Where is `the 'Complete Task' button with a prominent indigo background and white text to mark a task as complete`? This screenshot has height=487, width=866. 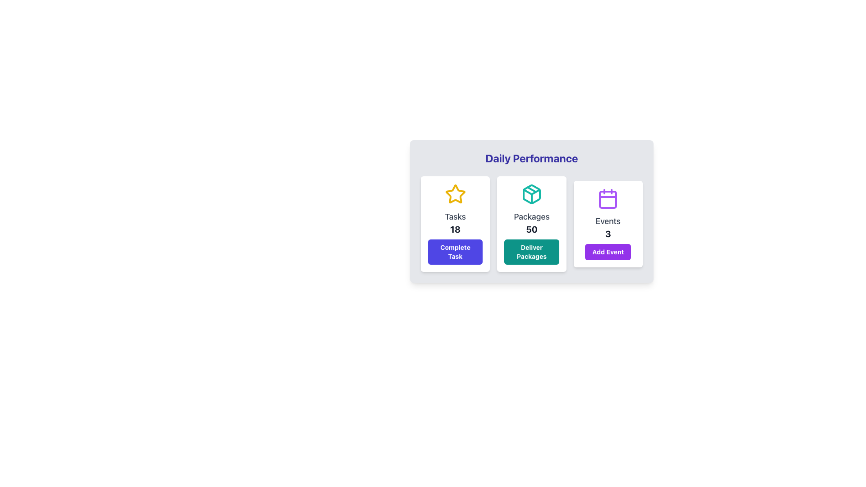
the 'Complete Task' button with a prominent indigo background and white text to mark a task as complete is located at coordinates (455, 252).